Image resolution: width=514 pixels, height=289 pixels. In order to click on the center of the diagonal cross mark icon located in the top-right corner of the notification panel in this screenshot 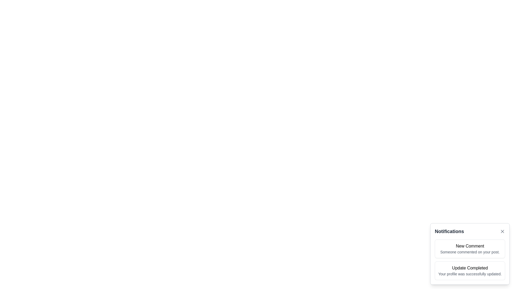, I will do `click(502, 231)`.